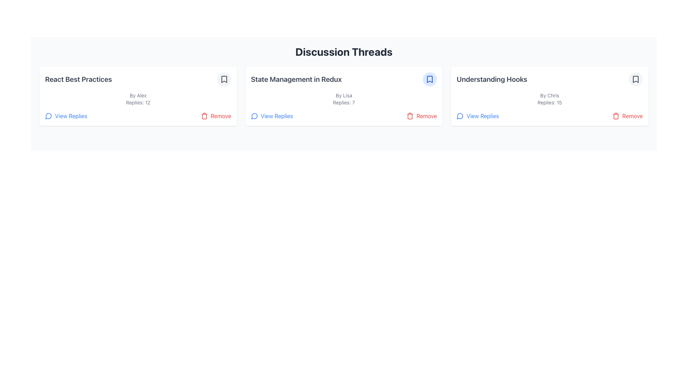 The height and width of the screenshot is (381, 677). I want to click on the red 'Remove' button with a trash icon located at the bottom-right corner of the 'State Management in Redux' card, so click(422, 115).